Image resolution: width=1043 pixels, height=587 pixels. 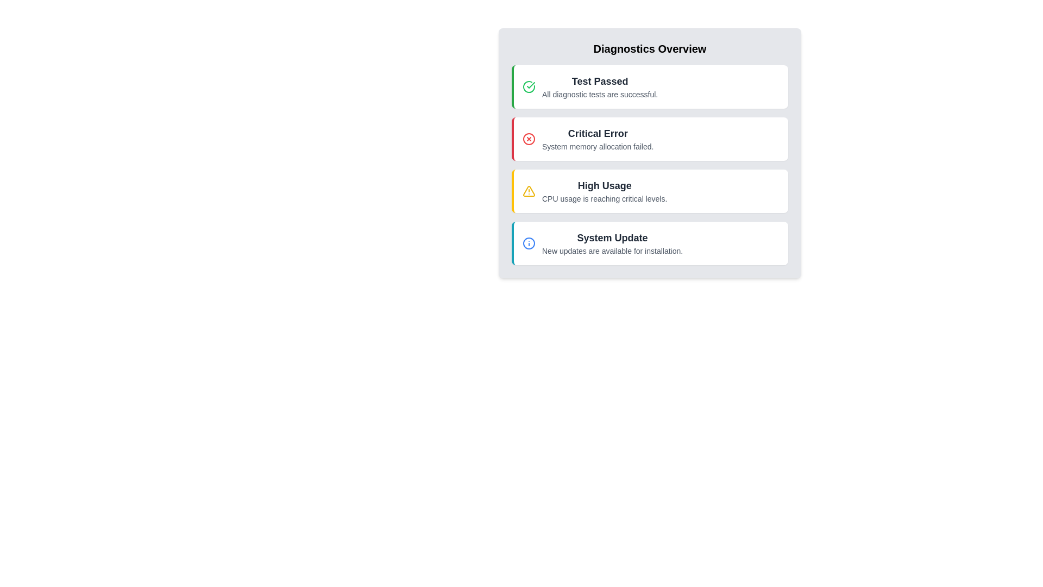 What do you see at coordinates (651, 86) in the screenshot?
I see `text of the Notification banner indicating the status of the diagnostic test as 'Passed', which is the first notification in the list` at bounding box center [651, 86].